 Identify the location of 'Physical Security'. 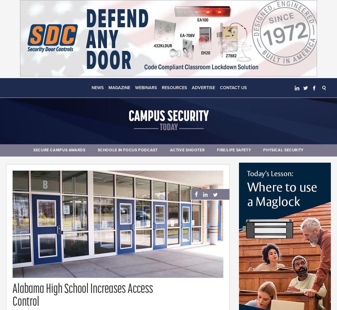
(263, 150).